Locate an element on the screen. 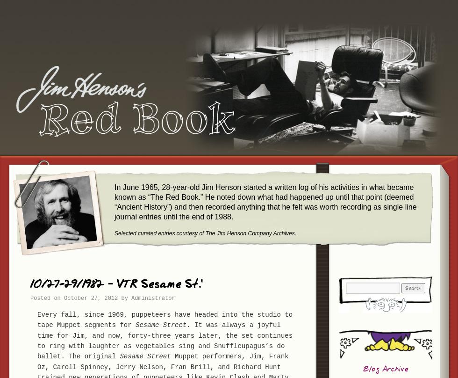 Image resolution: width=458 pixels, height=378 pixels. '. It was always a joyful time for Jim, and now, forty-three years later, the set continues to ring with laughter as vegetables sing and Snuffleupagus’s do ballet. The original' is located at coordinates (165, 340).